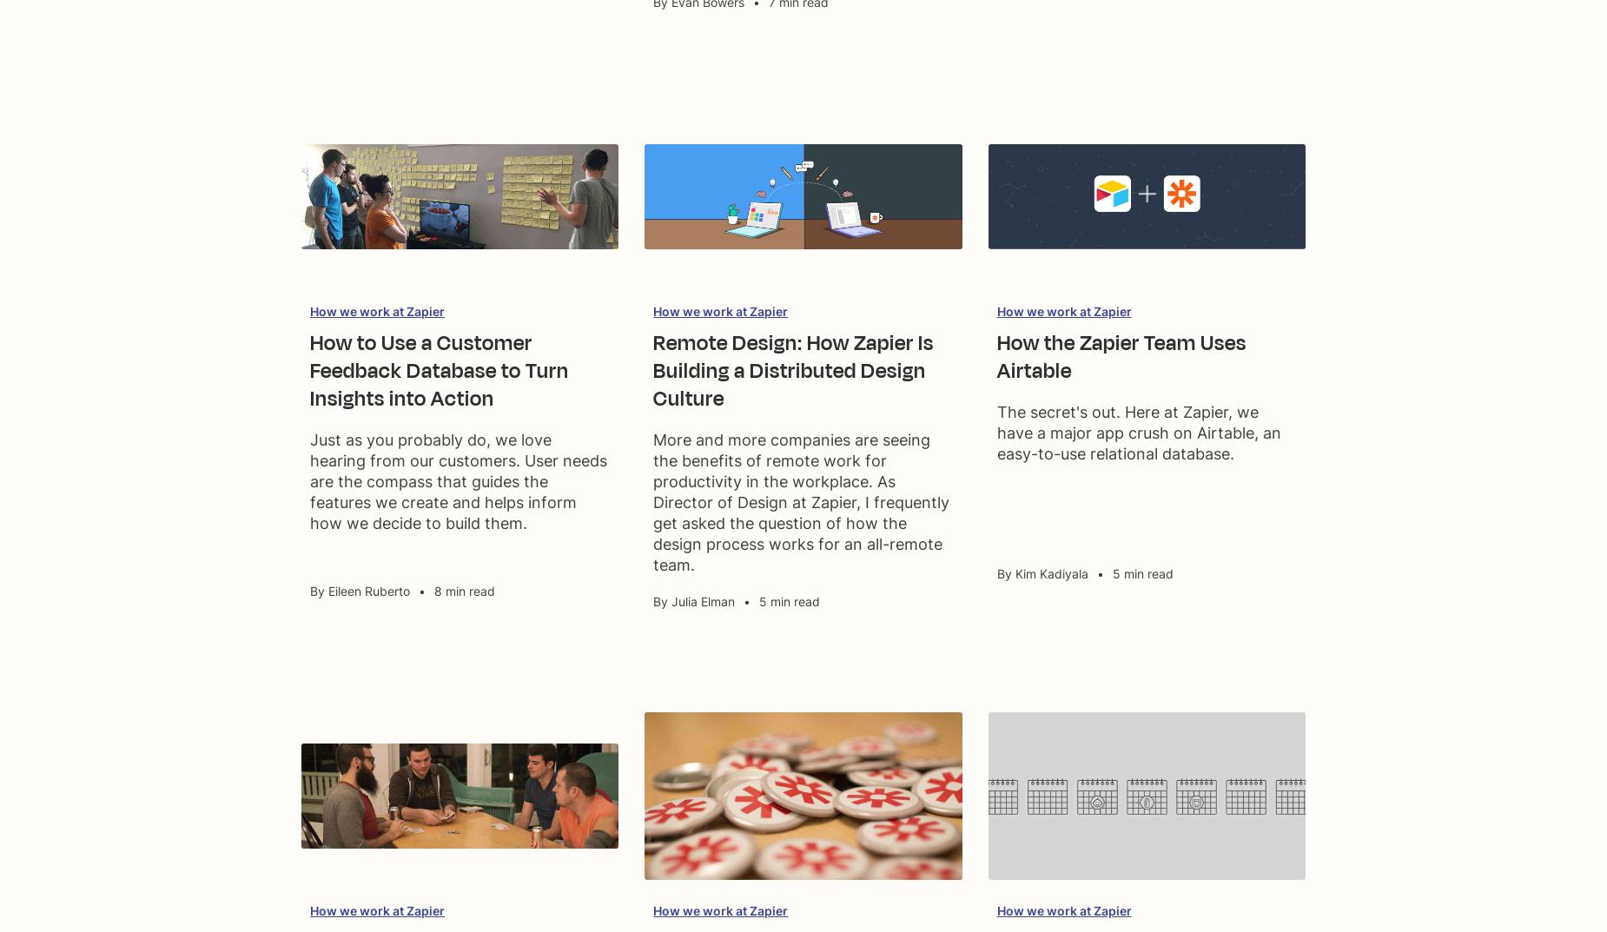  I want to click on 'Just as you probably do, we love hearing from our customers. User needs are the compass that guides the features we create and helps inform how we decide to build them.', so click(458, 481).